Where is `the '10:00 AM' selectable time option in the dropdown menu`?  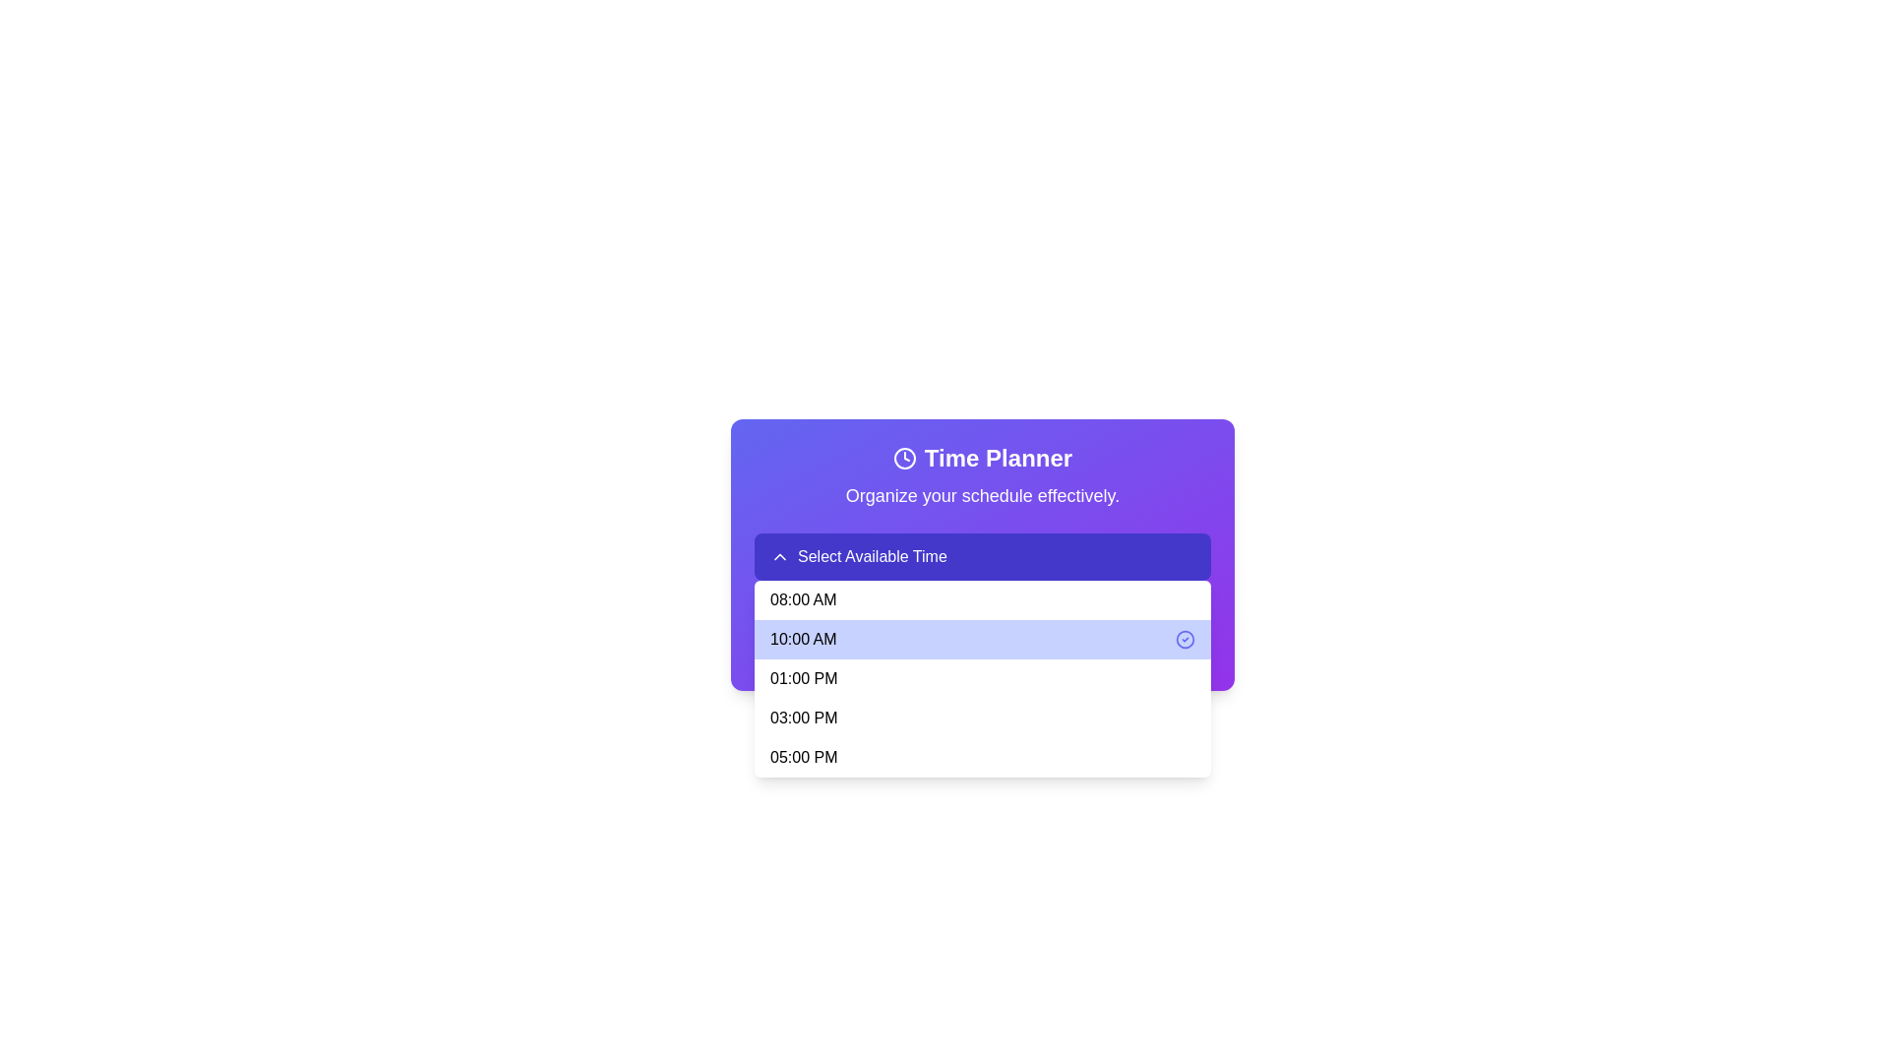 the '10:00 AM' selectable time option in the dropdown menu is located at coordinates (982, 640).